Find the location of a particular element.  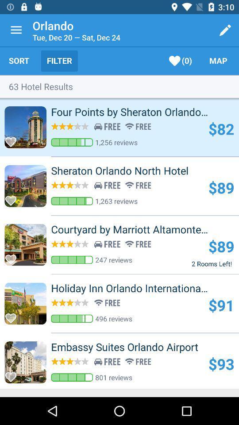

item next to orlando item is located at coordinates (16, 30).